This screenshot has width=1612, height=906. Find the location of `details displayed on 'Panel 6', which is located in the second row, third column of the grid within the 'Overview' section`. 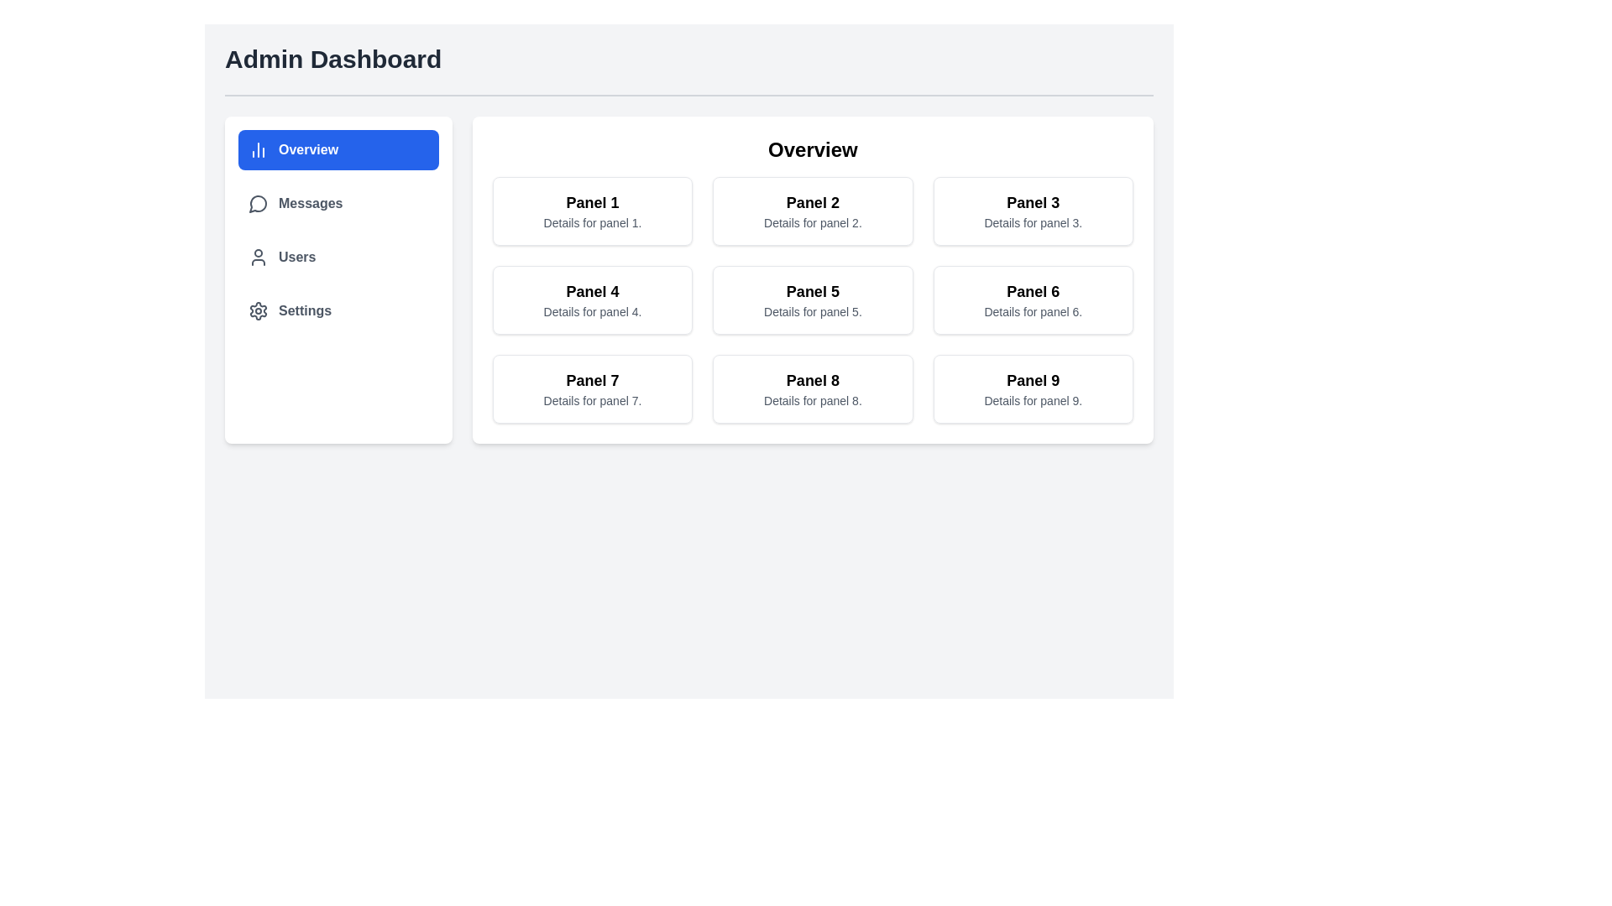

details displayed on 'Panel 6', which is located in the second row, third column of the grid within the 'Overview' section is located at coordinates (1032, 299).